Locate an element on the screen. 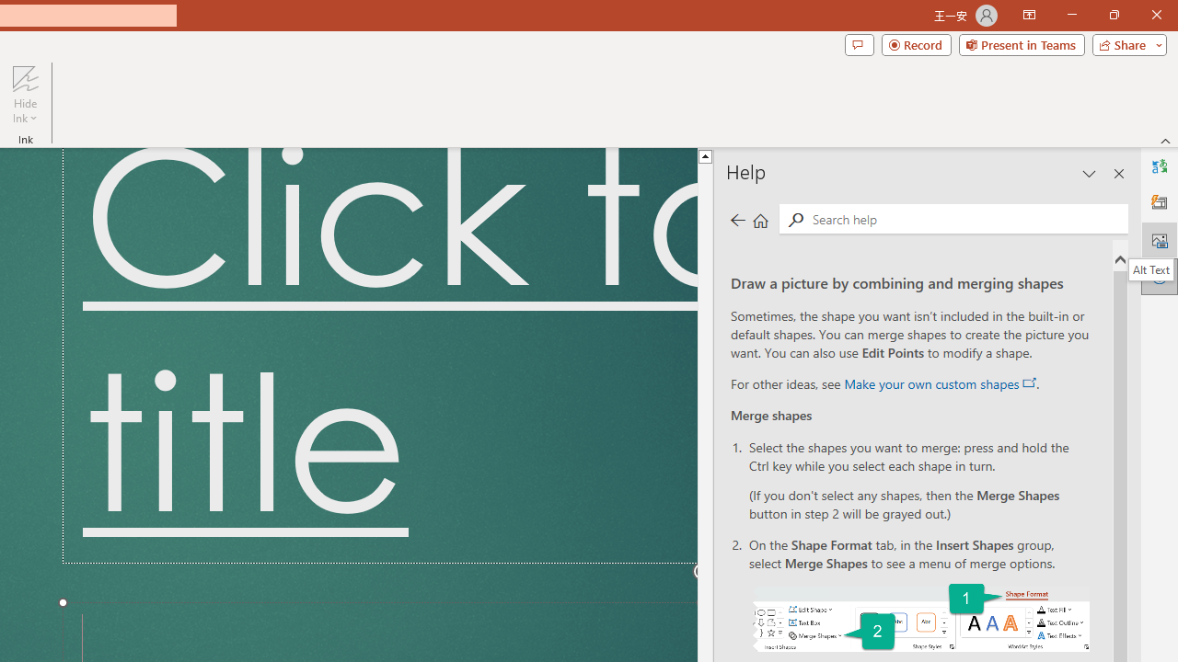 This screenshot has width=1178, height=662. 'Home' is located at coordinates (760, 219).